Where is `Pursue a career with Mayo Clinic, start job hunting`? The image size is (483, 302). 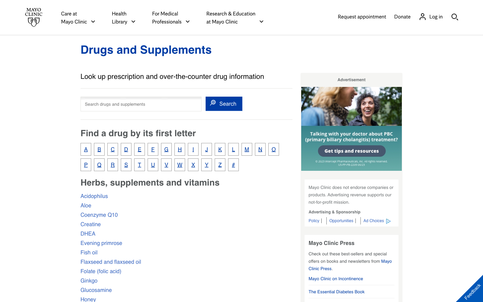
Pursue a career with Mayo Clinic, start job hunting is located at coordinates (342, 220).